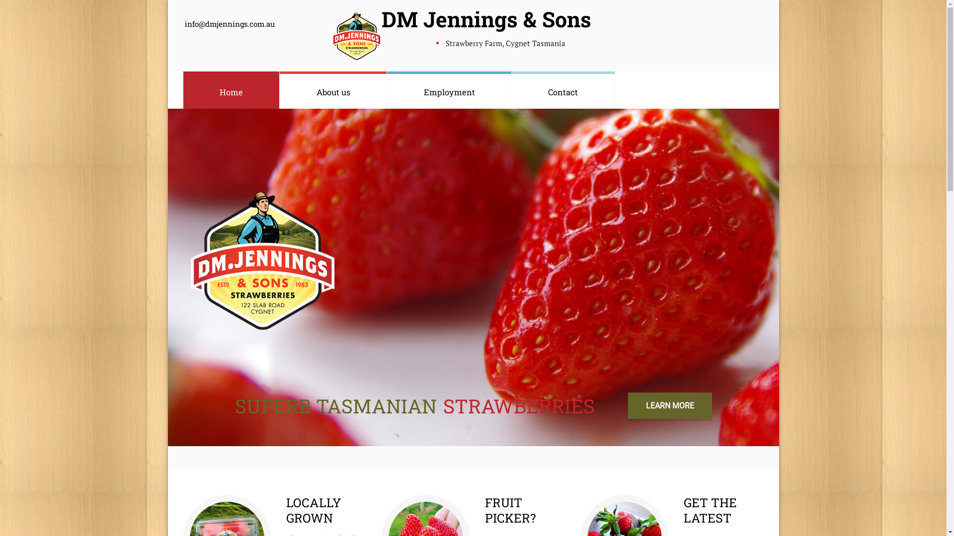  Describe the element at coordinates (563, 90) in the screenshot. I see `'Contact'` at that location.